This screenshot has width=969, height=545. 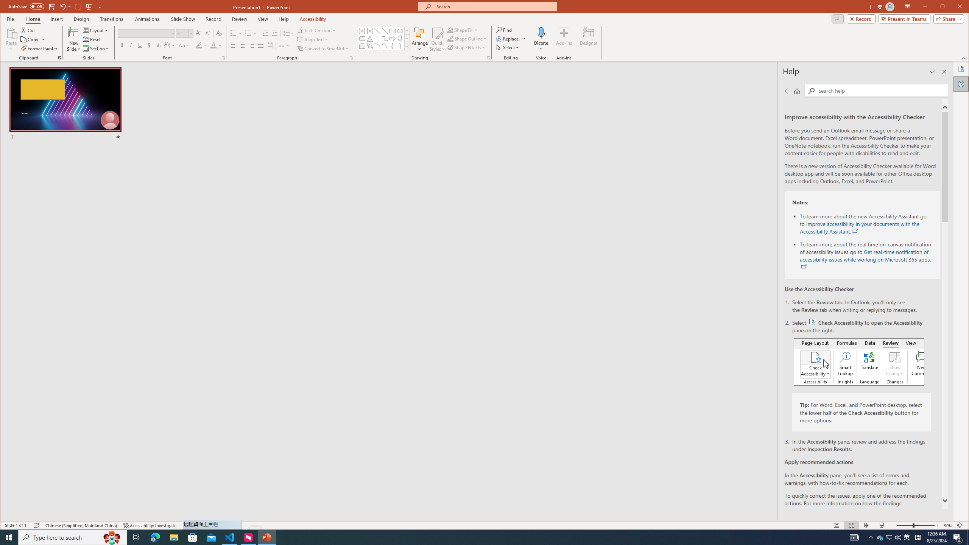 What do you see at coordinates (28, 30) in the screenshot?
I see `'Cut'` at bounding box center [28, 30].